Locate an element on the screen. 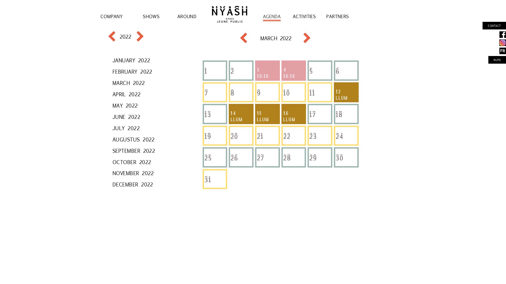  'FEBRUARY 2022' is located at coordinates (132, 71).